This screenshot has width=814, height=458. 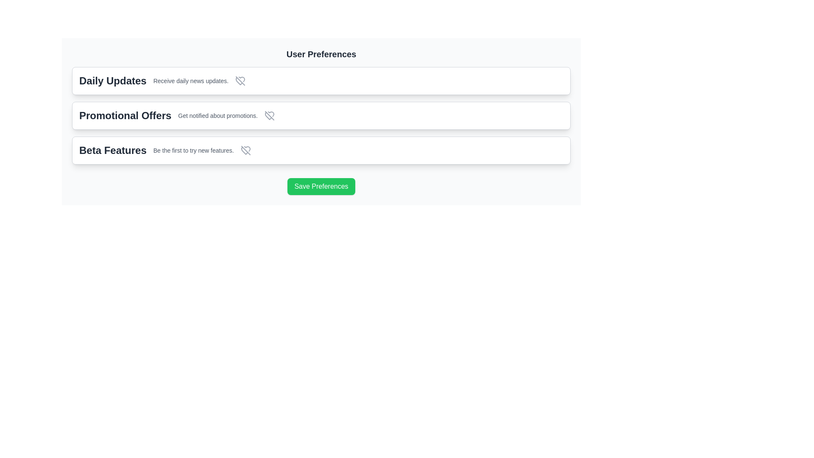 I want to click on the distinct green button labeled 'Save Preferences' to observe the color change effect when hovered, so click(x=321, y=186).